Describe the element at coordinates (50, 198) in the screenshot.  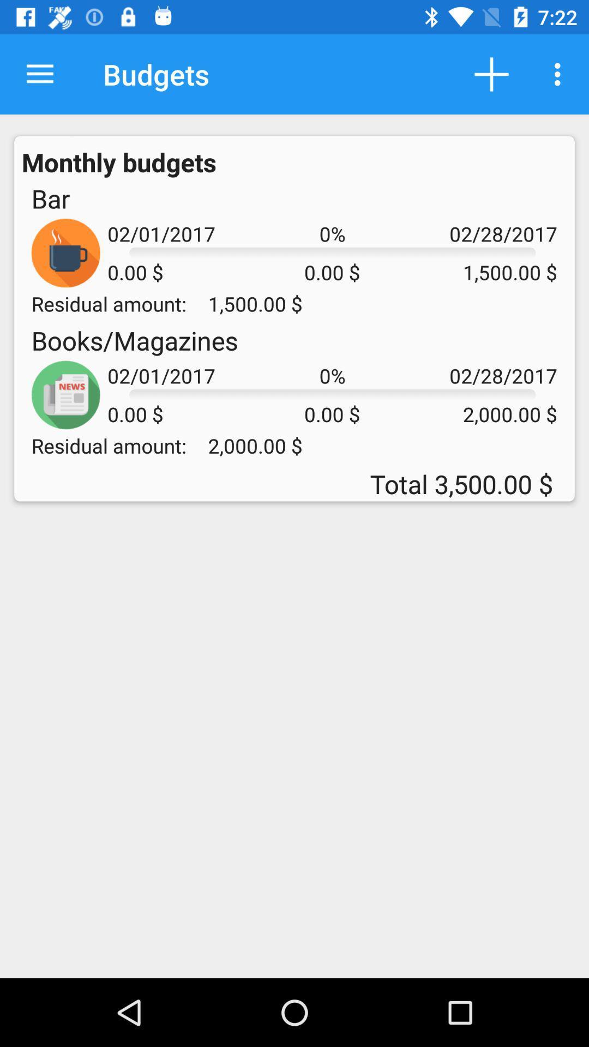
I see `the bar icon` at that location.